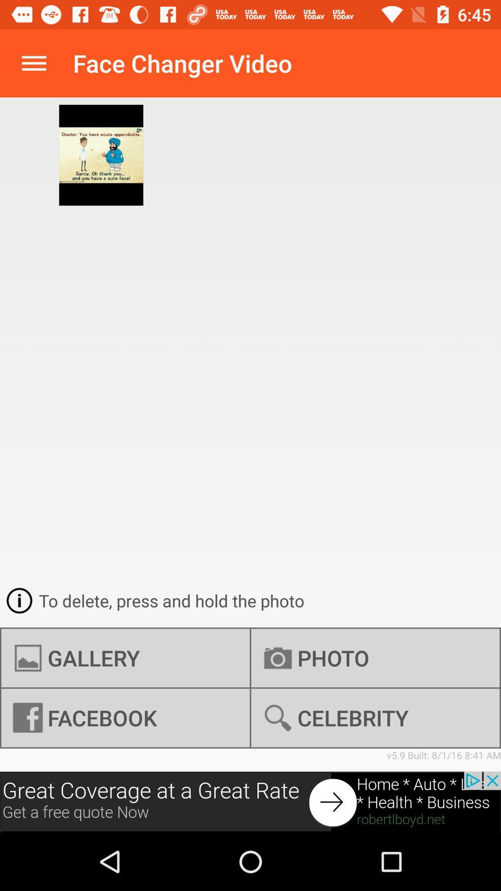 This screenshot has height=891, width=501. Describe the element at coordinates (125, 658) in the screenshot. I see `the icon above the facebook icon` at that location.